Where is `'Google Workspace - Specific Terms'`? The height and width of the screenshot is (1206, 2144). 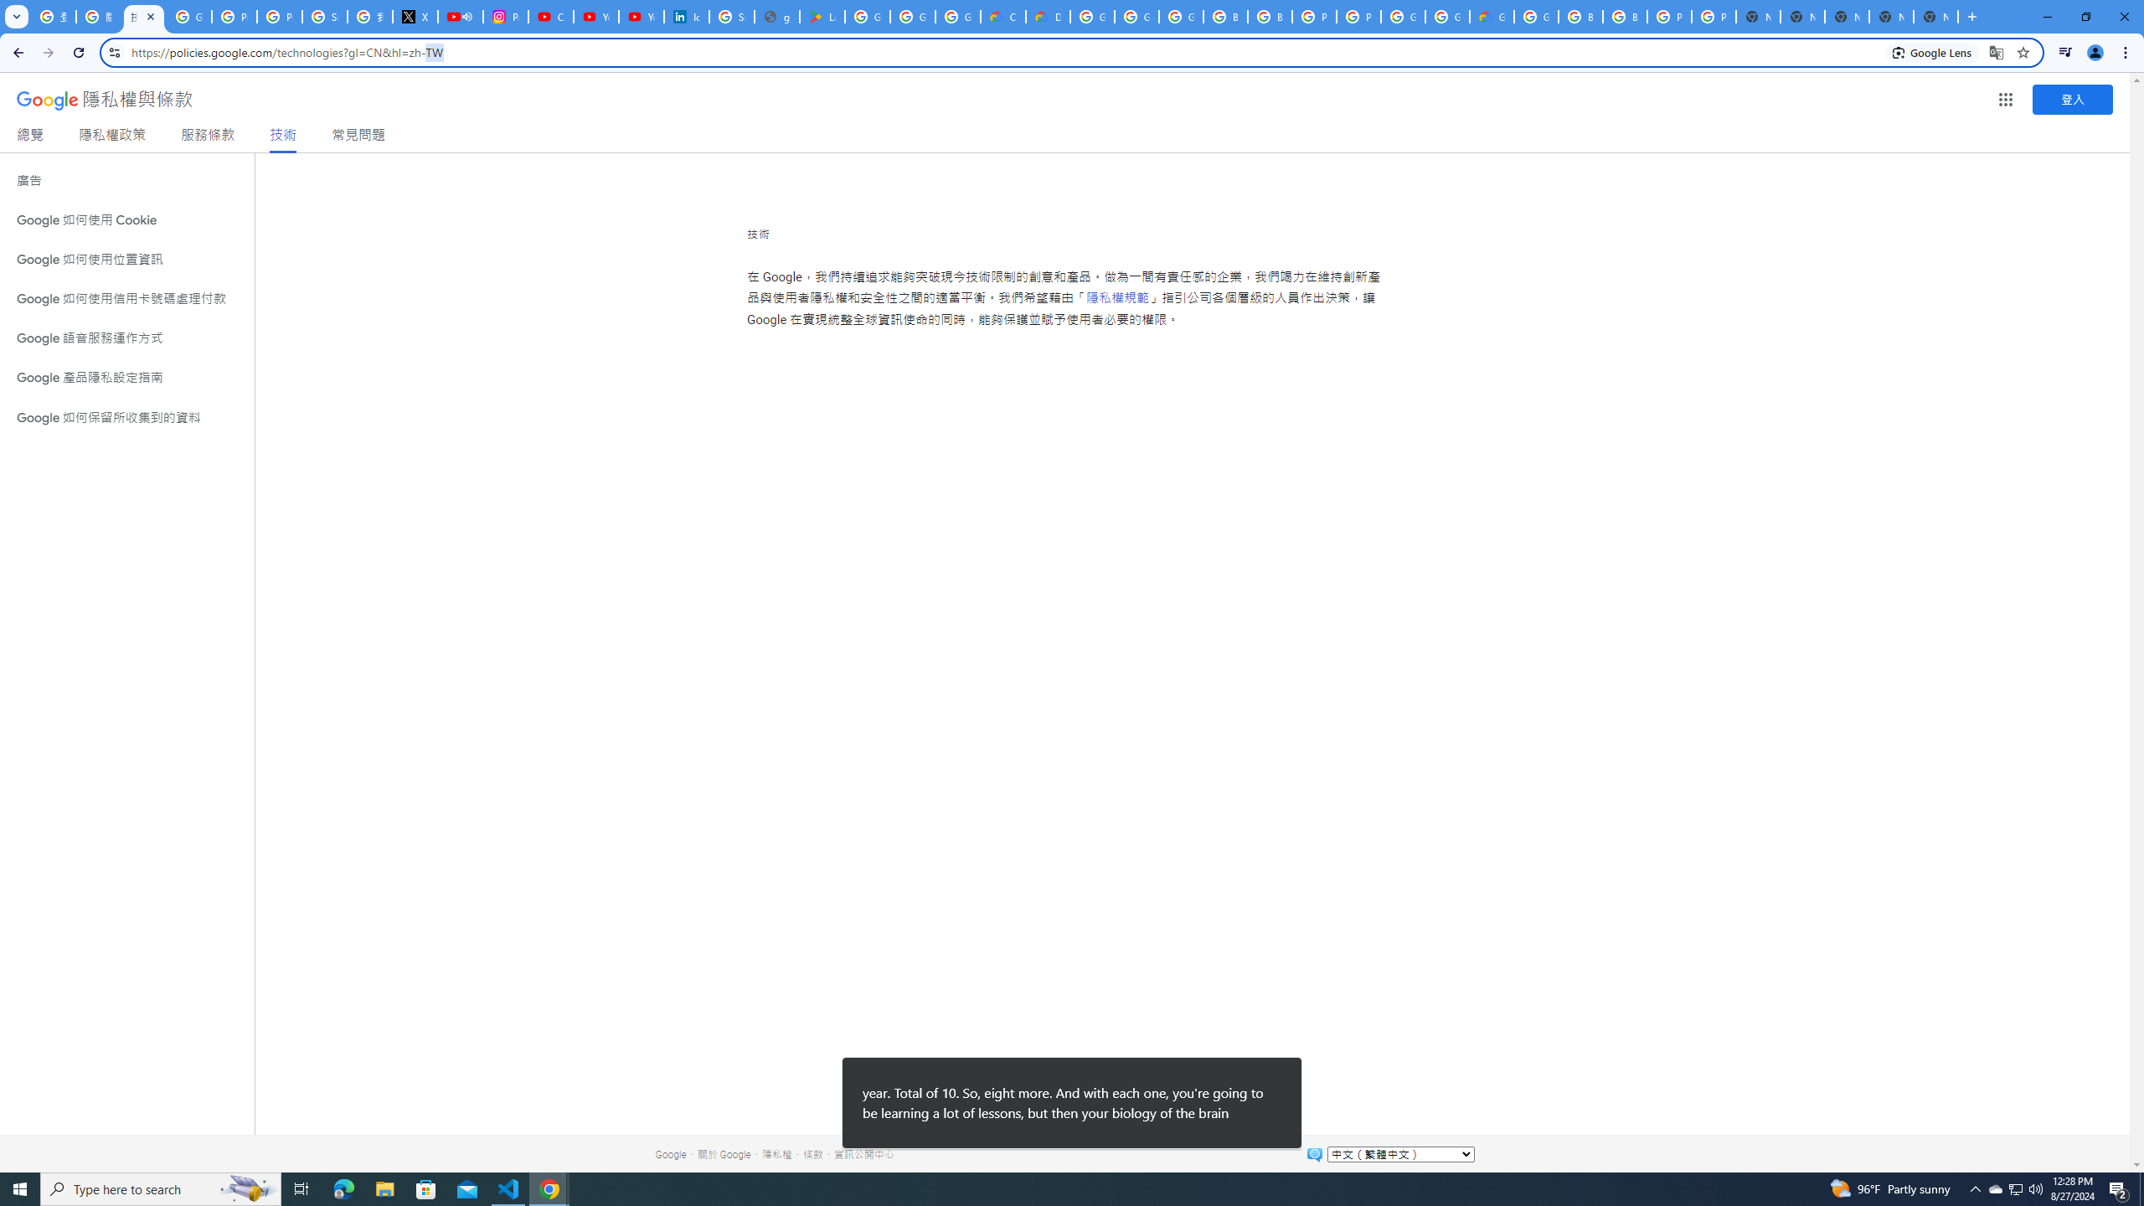
'Google Workspace - Specific Terms' is located at coordinates (912, 16).